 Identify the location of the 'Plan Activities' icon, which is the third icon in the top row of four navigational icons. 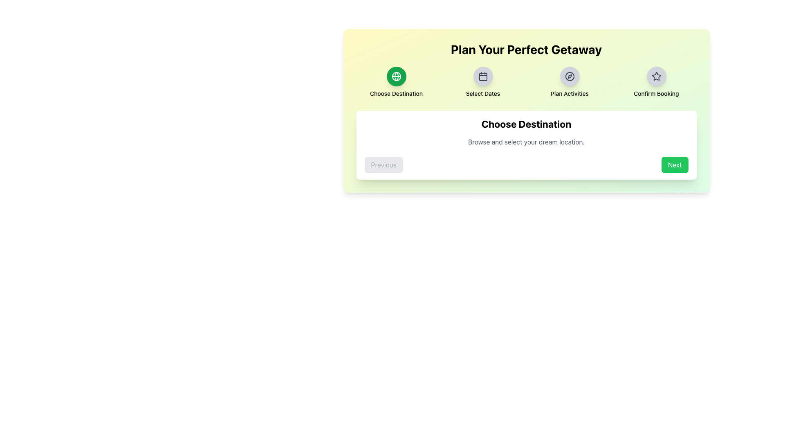
(569, 76).